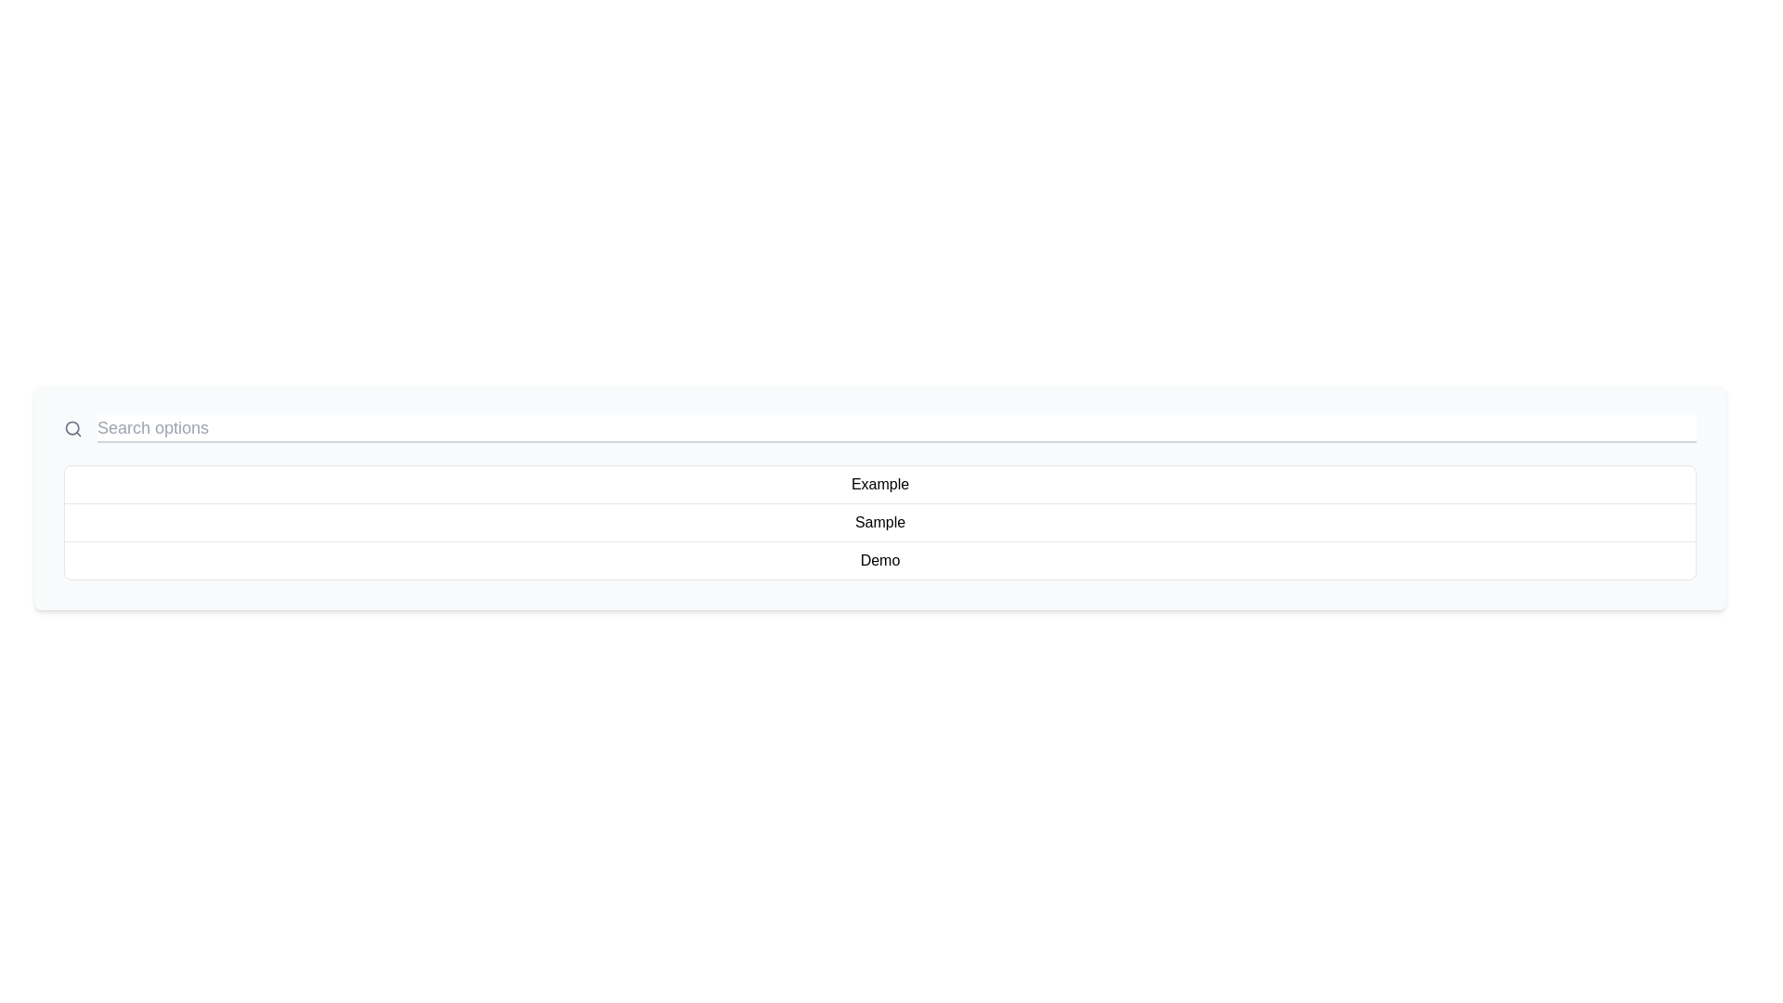 This screenshot has height=1003, width=1783. I want to click on the search icon located at the top-left corner of the search bar, which serves as a visual indicator for search-related actions, so click(72, 429).